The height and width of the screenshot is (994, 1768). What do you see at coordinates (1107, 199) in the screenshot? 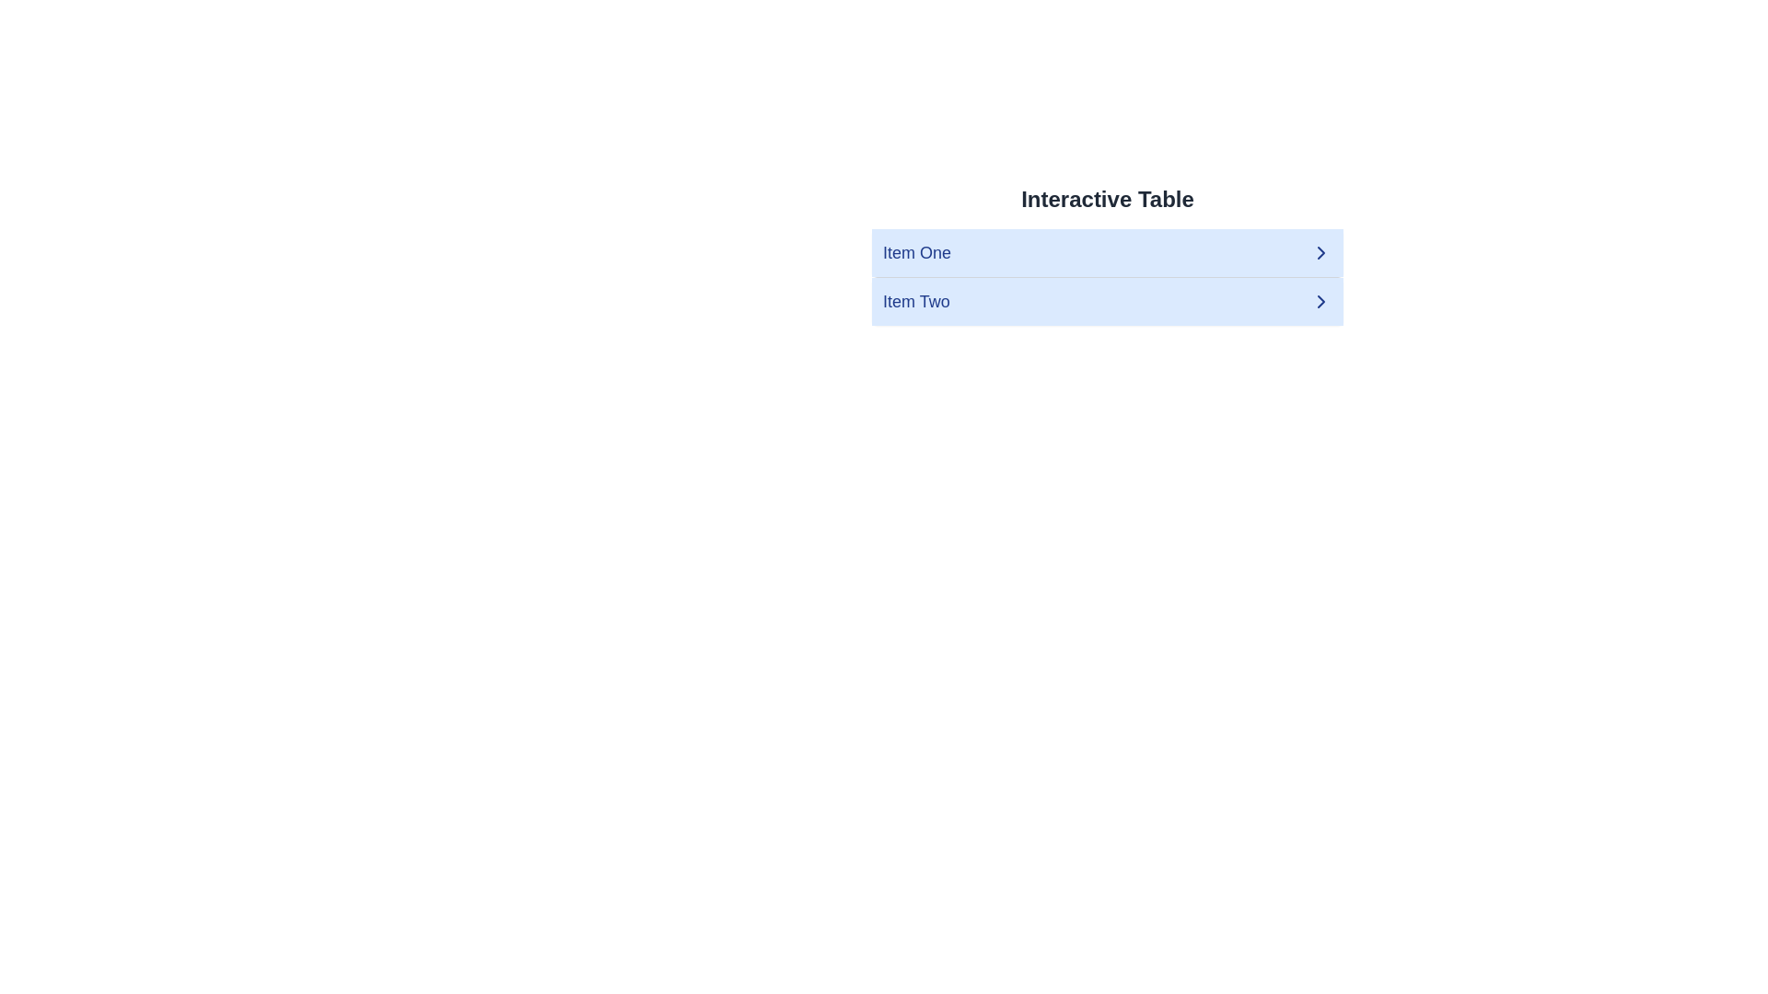
I see `the interactive text label 'Interactive Table' displayed in bold at the top of the layout` at bounding box center [1107, 199].